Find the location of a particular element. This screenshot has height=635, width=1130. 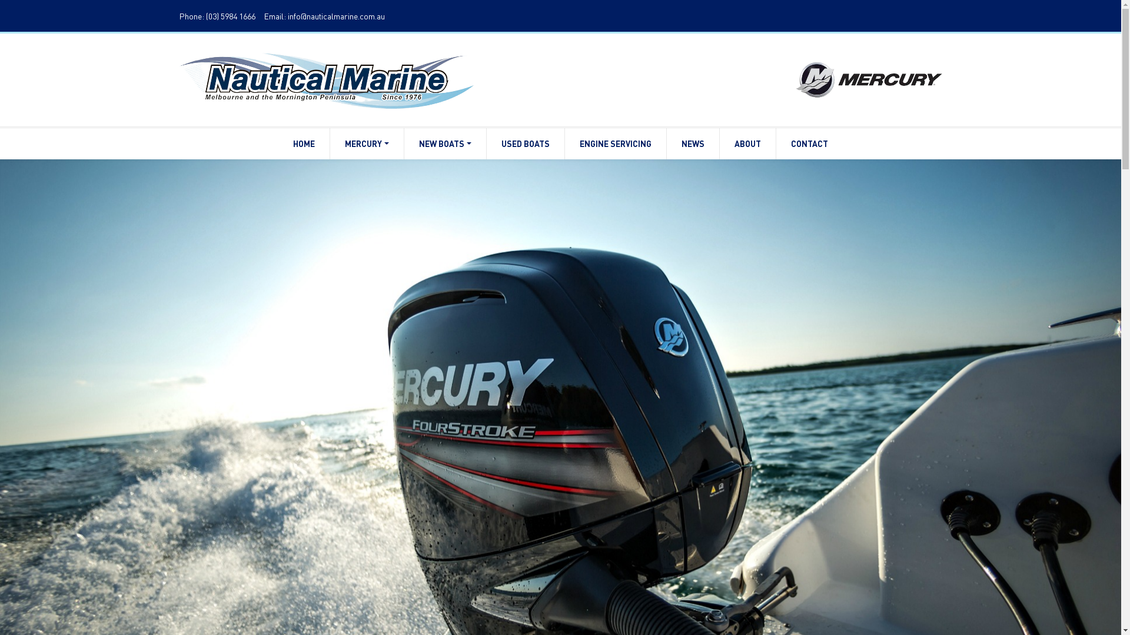

'USED BOATS' is located at coordinates (524, 143).